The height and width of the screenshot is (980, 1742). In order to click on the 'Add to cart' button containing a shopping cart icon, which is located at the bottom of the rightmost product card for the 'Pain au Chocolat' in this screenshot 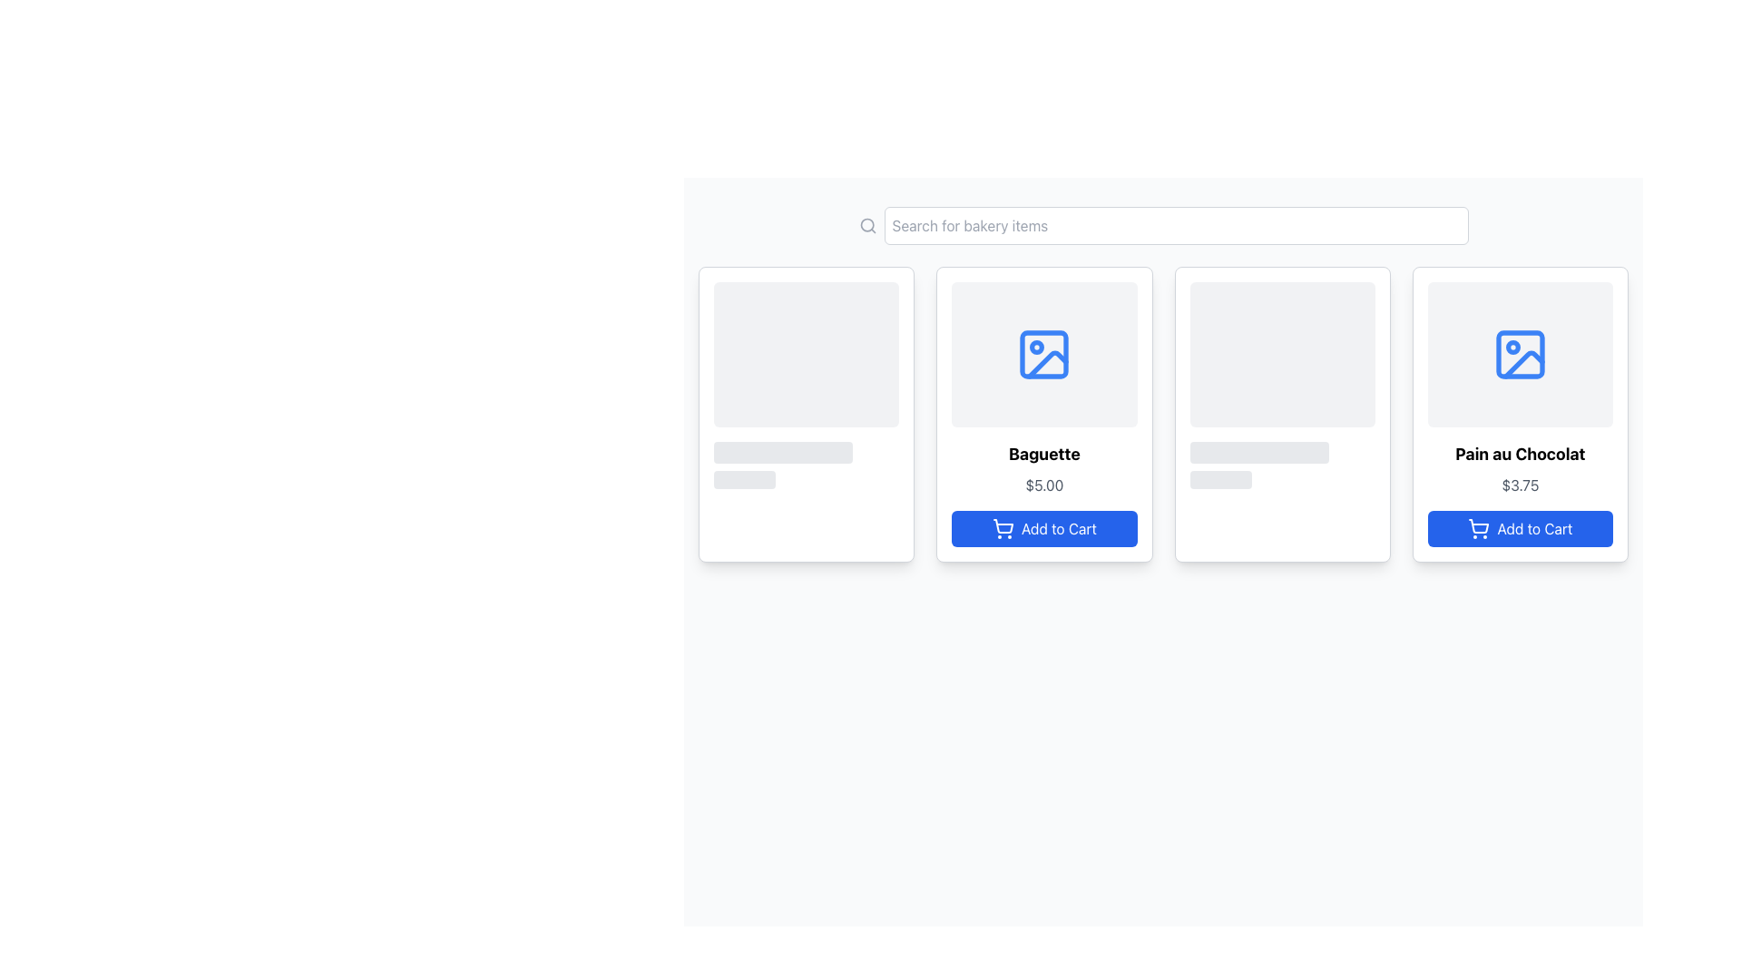, I will do `click(1479, 526)`.